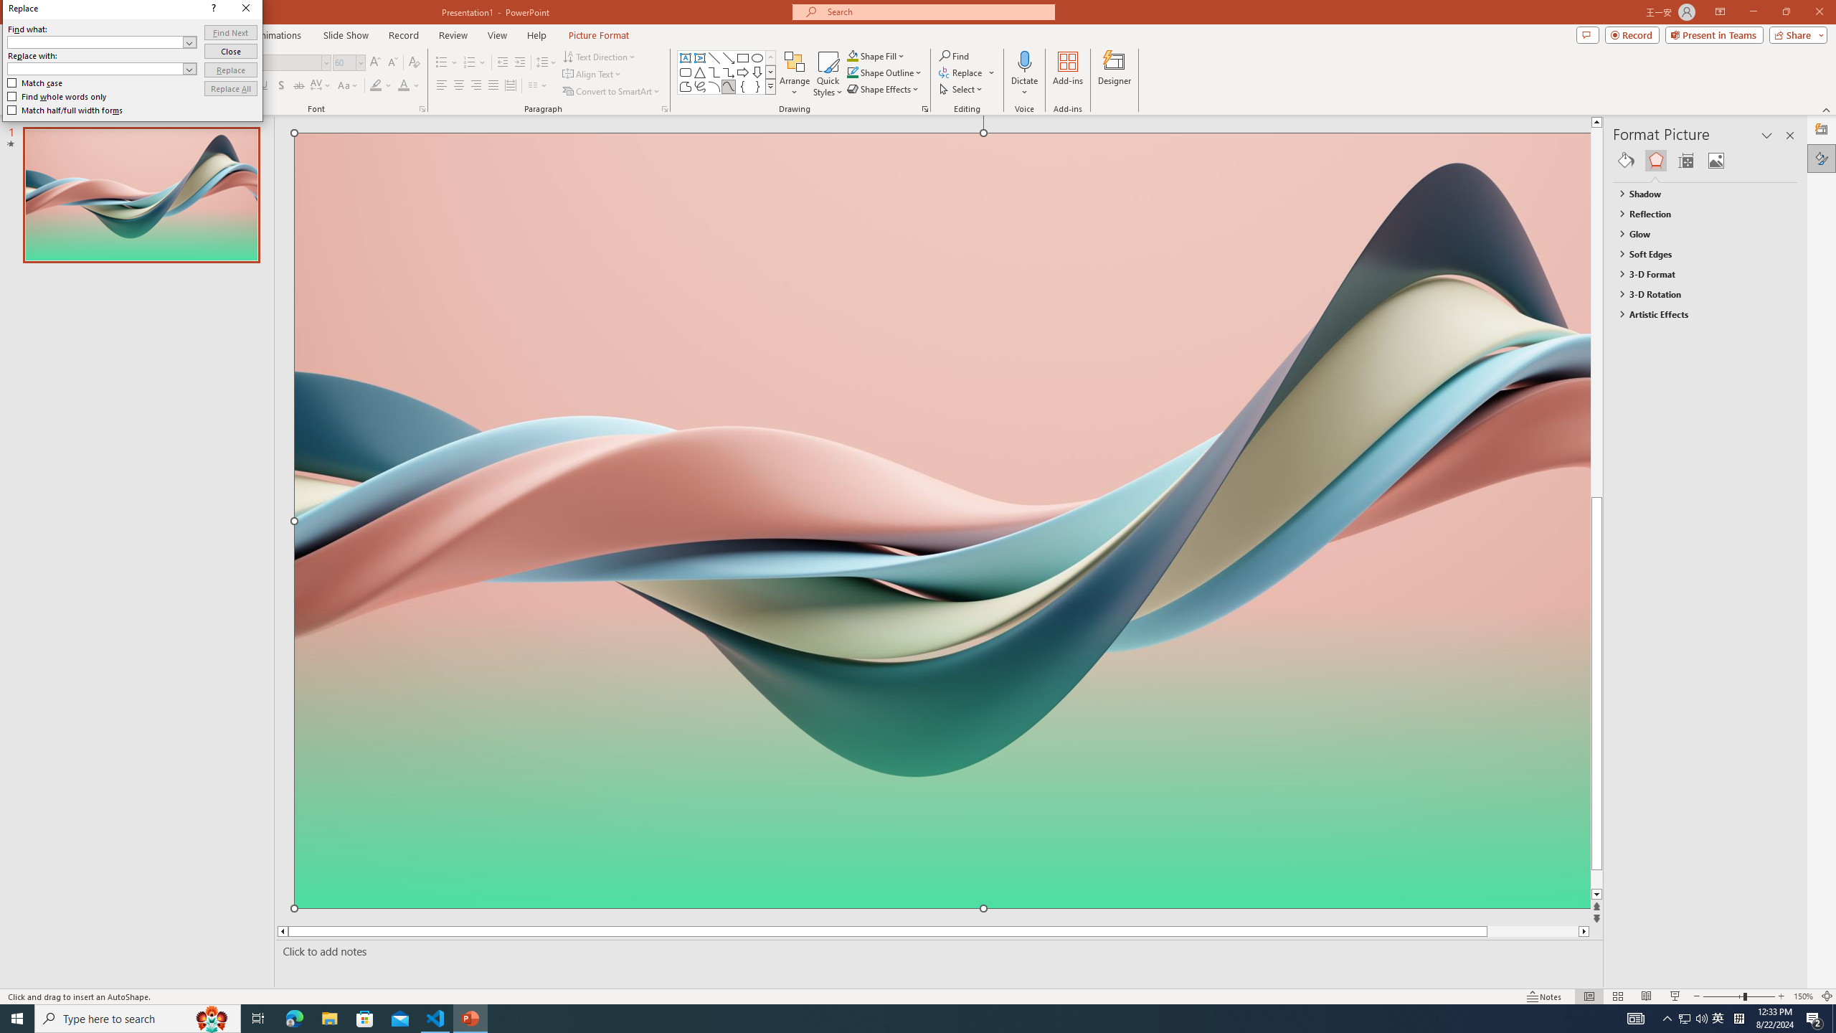 This screenshot has height=1033, width=1836. I want to click on 'Size & Properties', so click(1686, 159).